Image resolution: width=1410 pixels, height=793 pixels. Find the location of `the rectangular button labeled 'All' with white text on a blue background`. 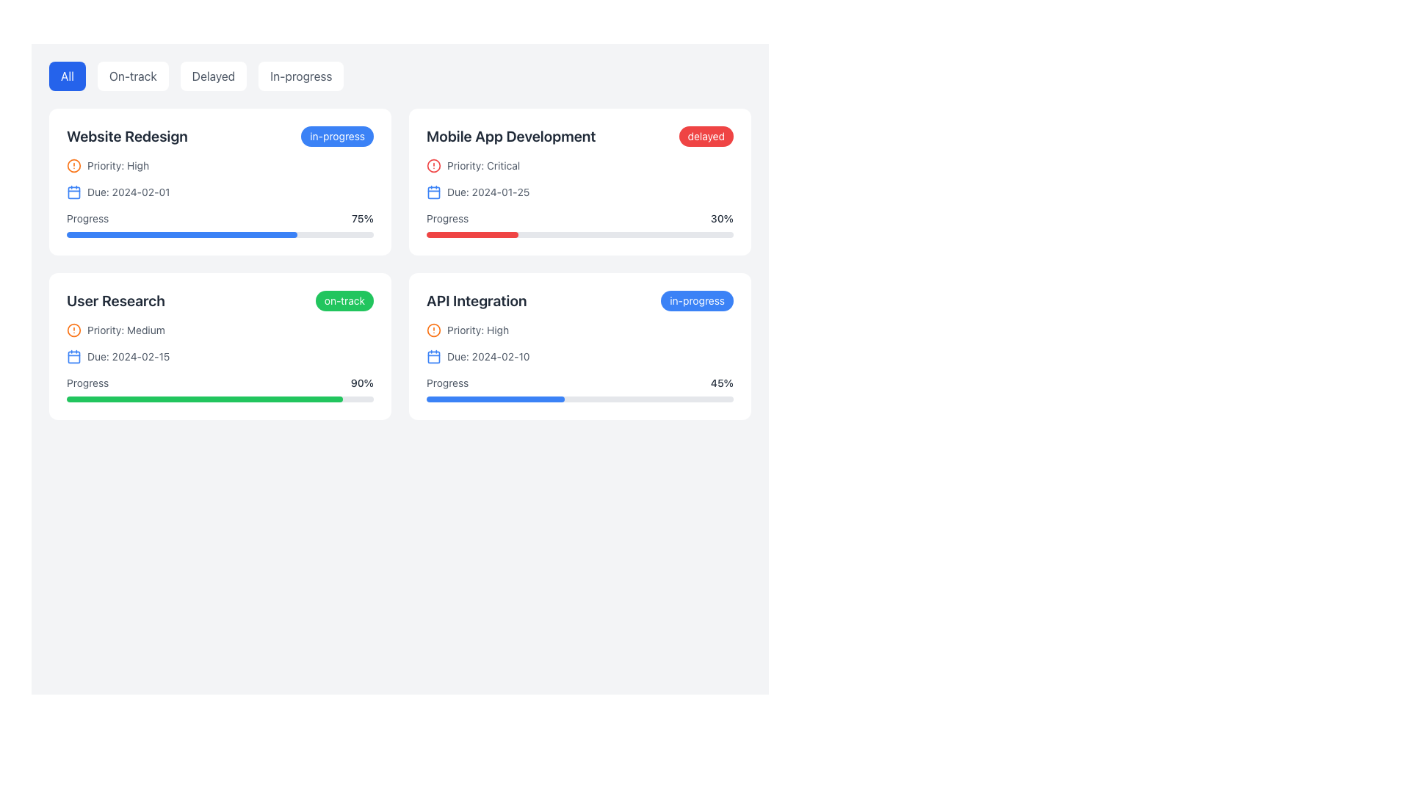

the rectangular button labeled 'All' with white text on a blue background is located at coordinates (66, 76).